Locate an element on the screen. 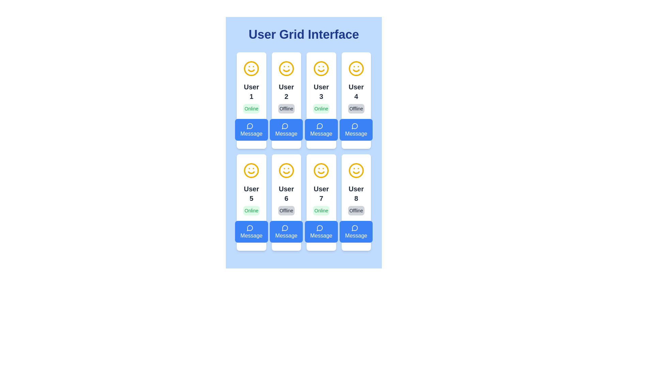 Image resolution: width=654 pixels, height=367 pixels. the rectangular blue button labeled 'Message' with a speech bubble icon to send a message is located at coordinates (286, 231).